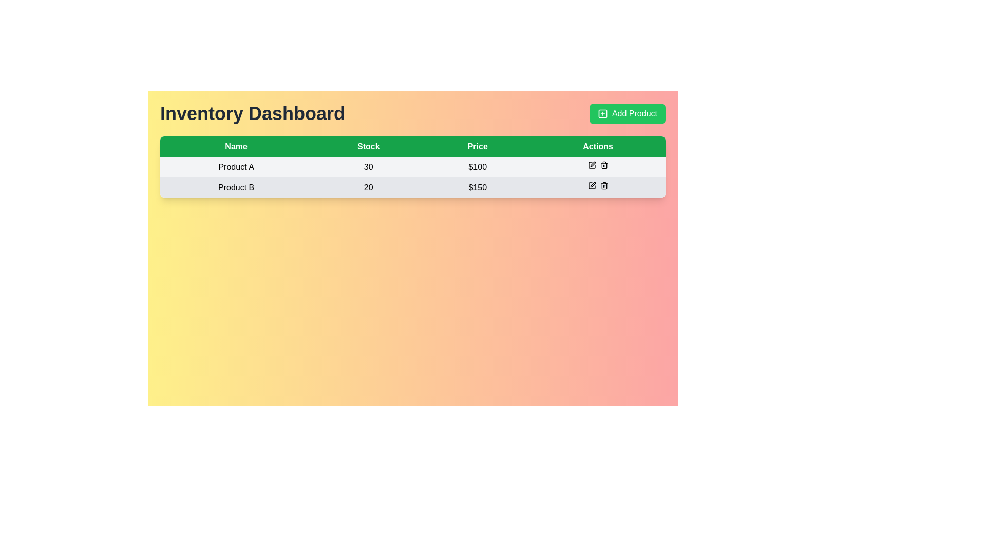 The image size is (986, 554). Describe the element at coordinates (236, 146) in the screenshot. I see `the green header labeled 'Name' in the table header row, which is the first column of the header` at that location.